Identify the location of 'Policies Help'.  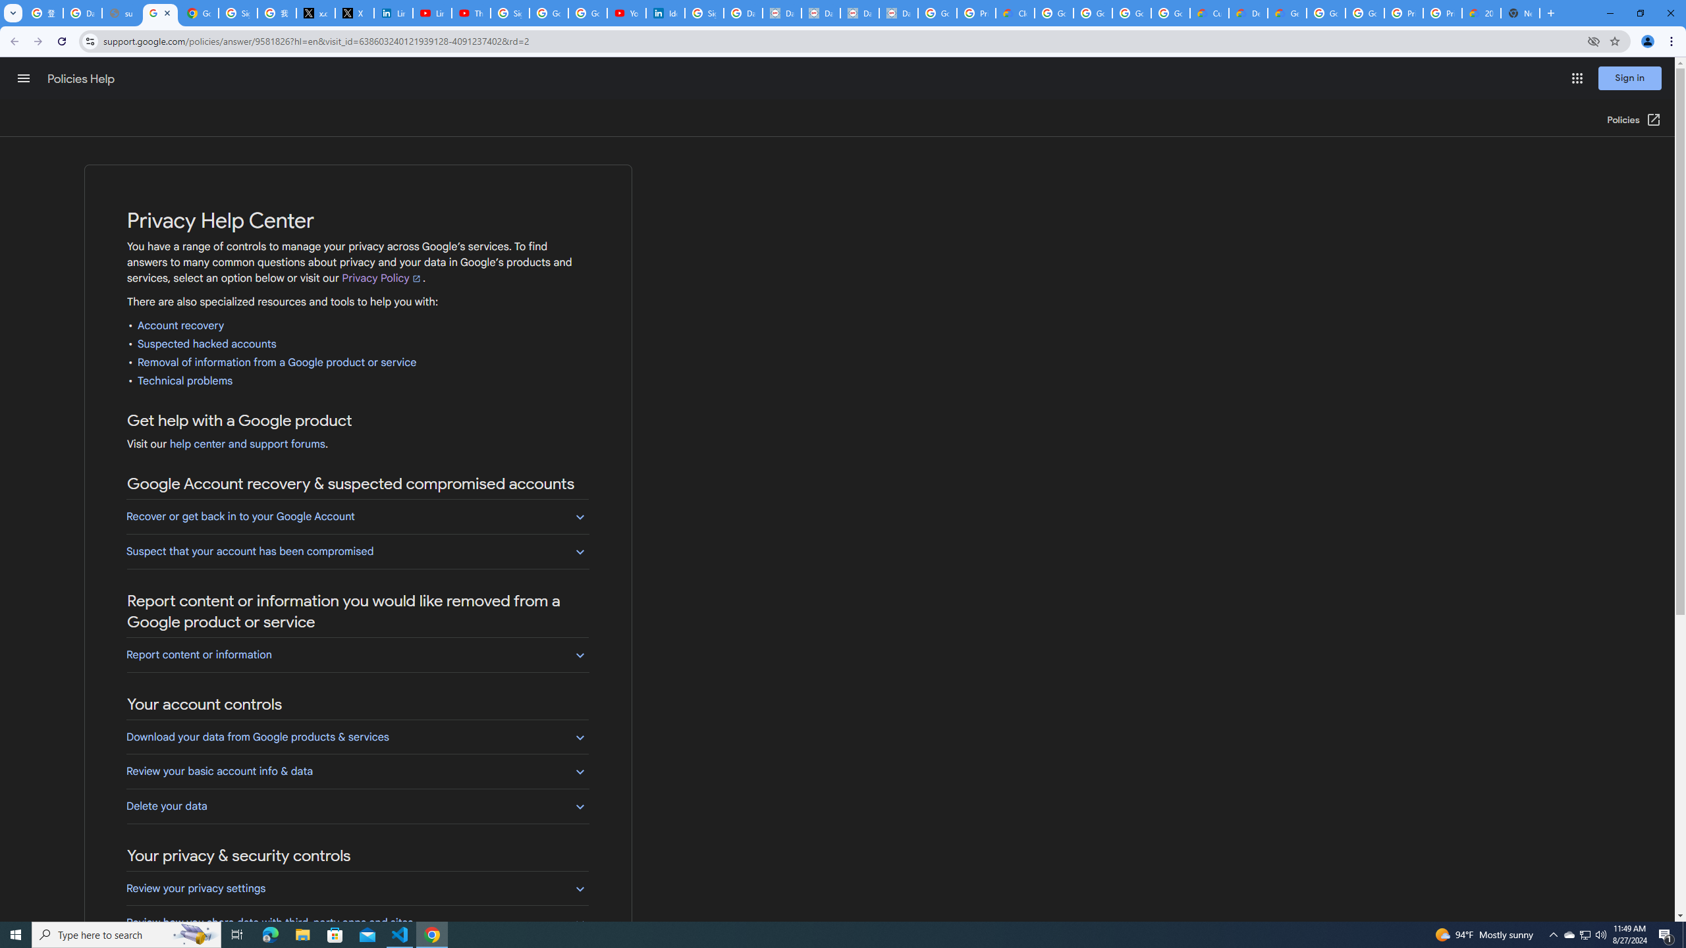
(82, 78).